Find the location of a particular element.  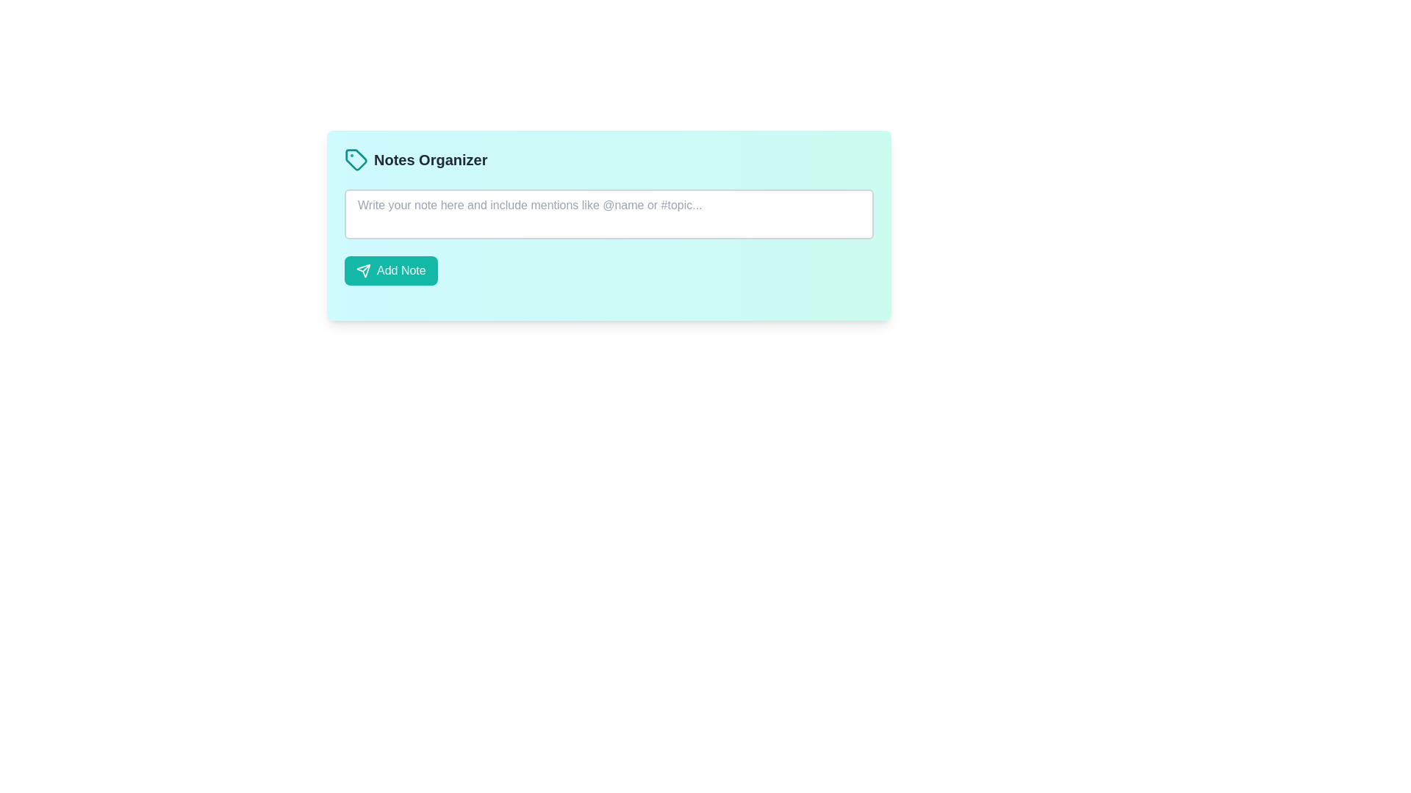

the tagging icon located to the left of the 'Notes Organizer' title is located at coordinates (356, 160).